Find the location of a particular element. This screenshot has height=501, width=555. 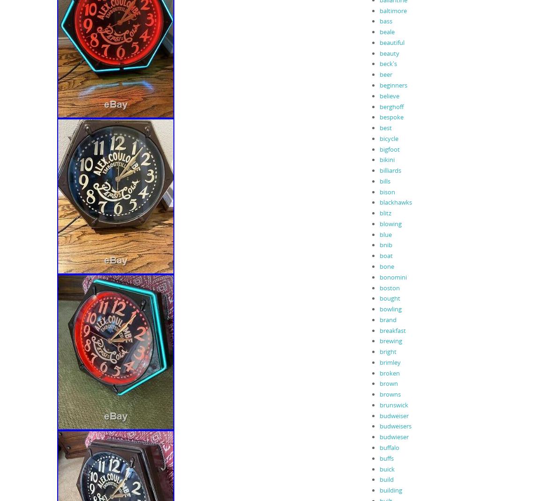

'believe' is located at coordinates (379, 95).